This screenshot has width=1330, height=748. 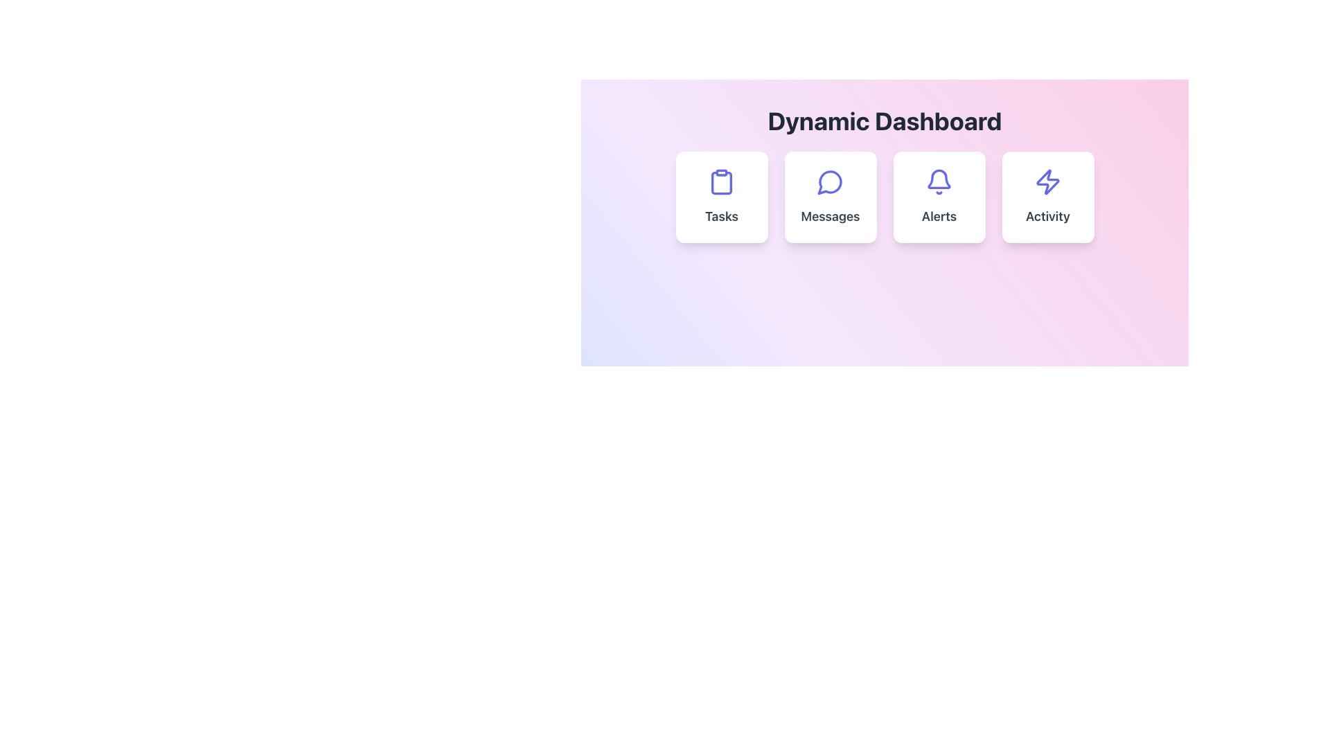 What do you see at coordinates (831, 197) in the screenshot?
I see `the 'Messages' button, which is a card widget with a blue speech bubble icon and bold dark gray text, located as the second card in a horizontal grid between 'Tasks' and 'Alerts'` at bounding box center [831, 197].